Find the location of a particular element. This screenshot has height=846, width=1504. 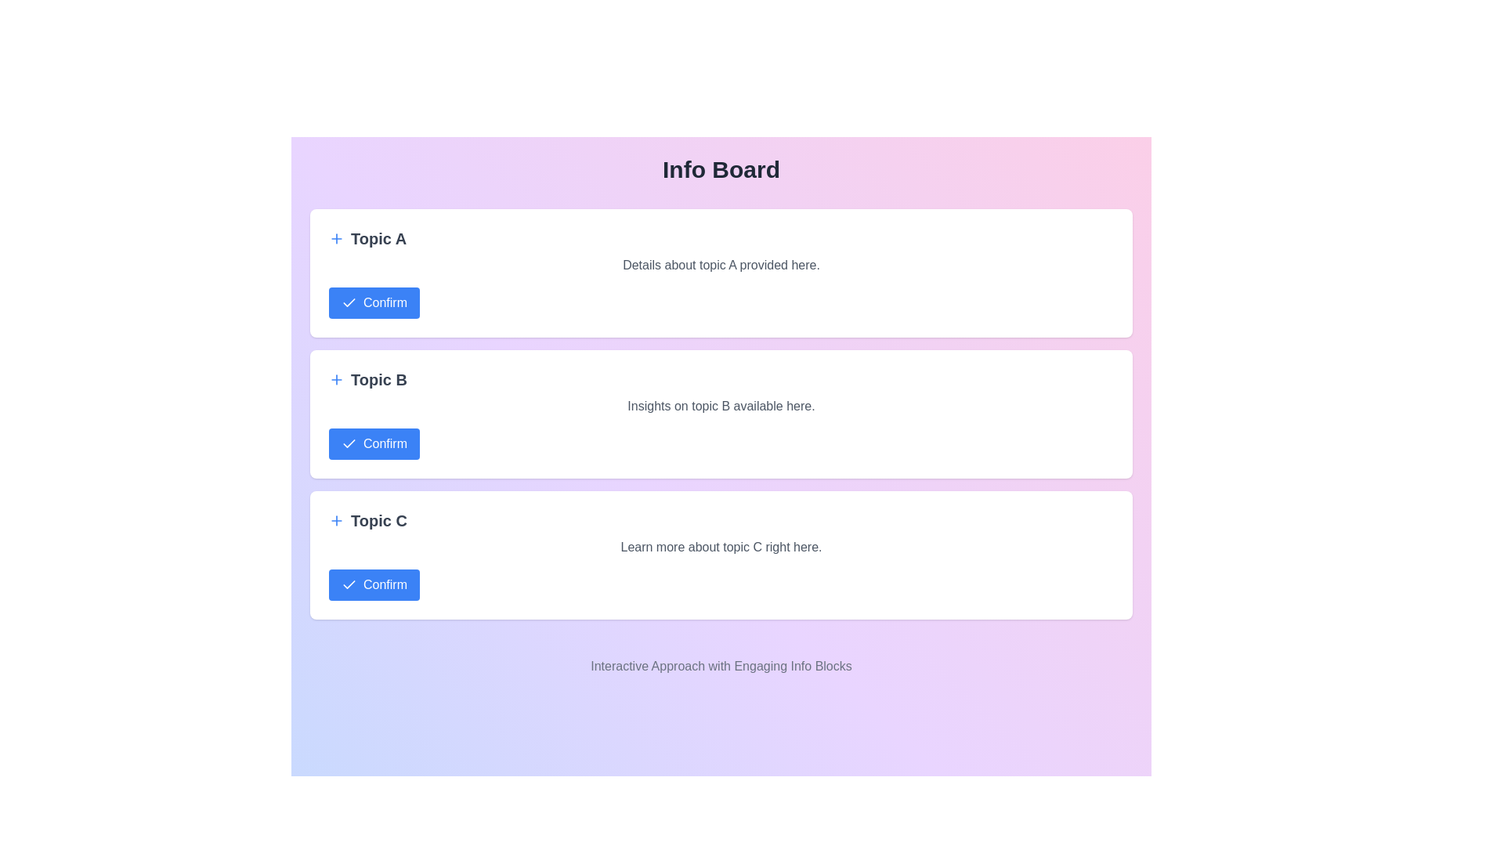

the SVG icon located on the left side of the heading labeled 'Topic A' is located at coordinates (336, 238).